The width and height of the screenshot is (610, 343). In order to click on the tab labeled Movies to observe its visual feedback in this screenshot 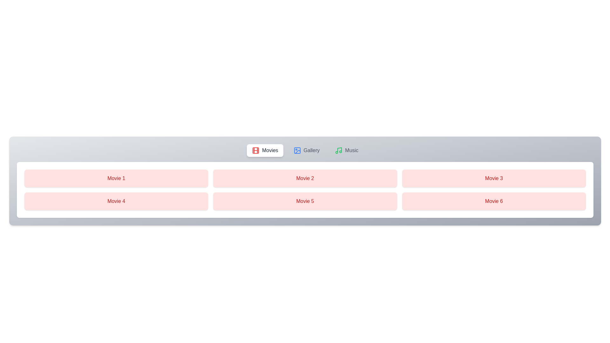, I will do `click(265, 151)`.